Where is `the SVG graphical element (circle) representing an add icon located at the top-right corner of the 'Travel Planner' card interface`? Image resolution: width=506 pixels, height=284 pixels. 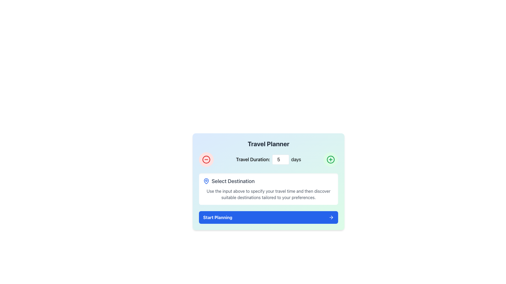
the SVG graphical element (circle) representing an add icon located at the top-right corner of the 'Travel Planner' card interface is located at coordinates (330, 159).